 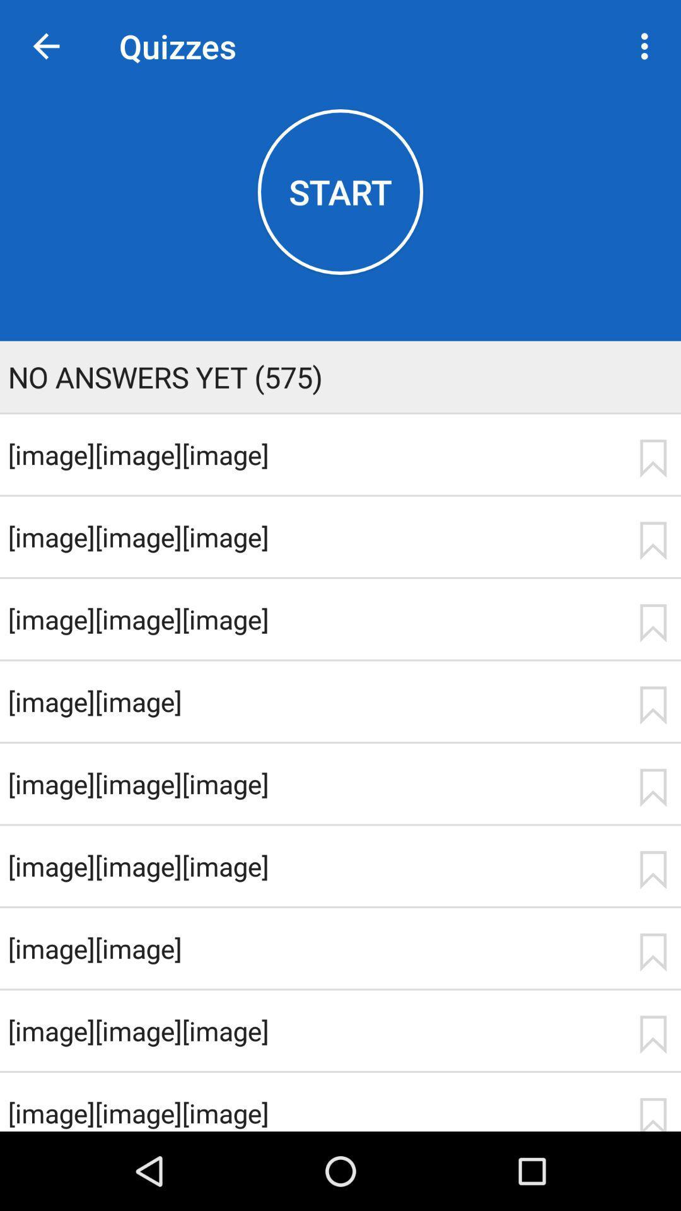 What do you see at coordinates (653, 623) in the screenshot?
I see `app to the right of [image][image][image] icon` at bounding box center [653, 623].